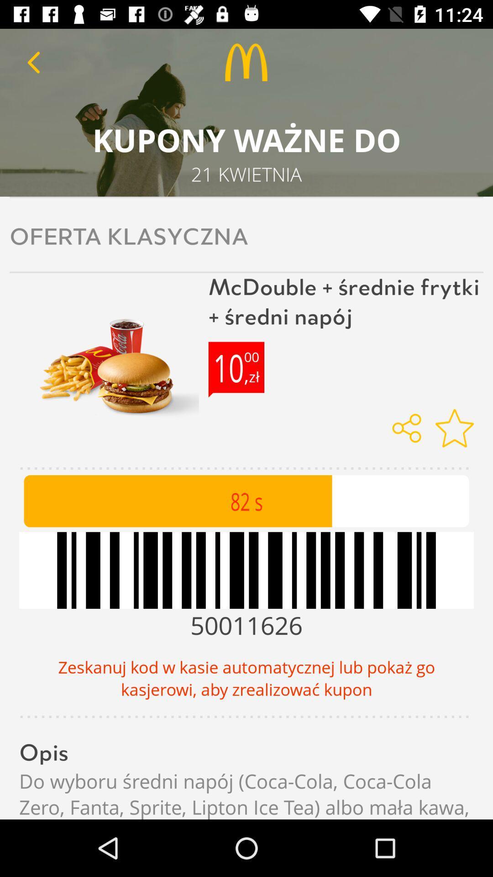 The width and height of the screenshot is (493, 877). I want to click on setting button, so click(454, 428).